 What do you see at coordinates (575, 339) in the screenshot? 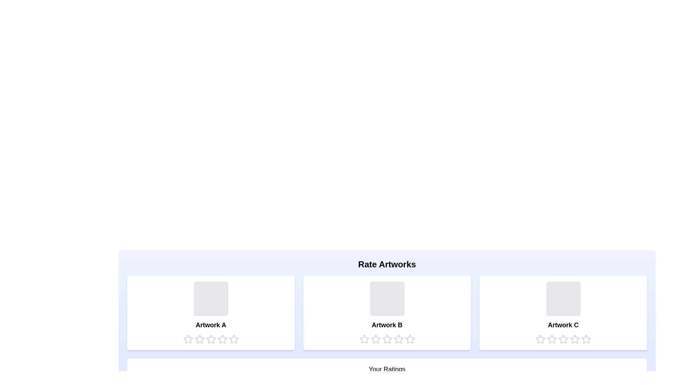
I see `the star corresponding to the rating 4 for the artwork Artwork C` at bounding box center [575, 339].